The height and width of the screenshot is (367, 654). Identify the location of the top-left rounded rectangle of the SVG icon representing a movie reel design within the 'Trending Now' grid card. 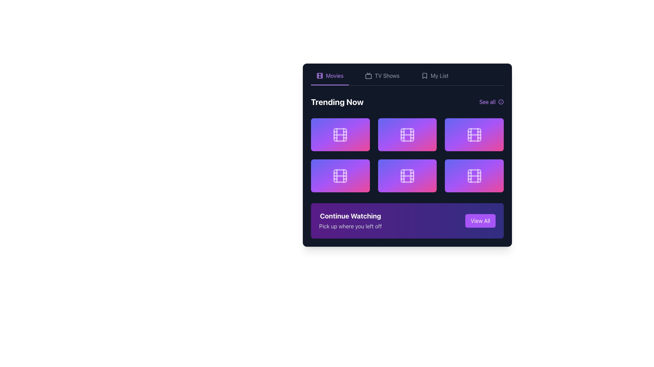
(474, 175).